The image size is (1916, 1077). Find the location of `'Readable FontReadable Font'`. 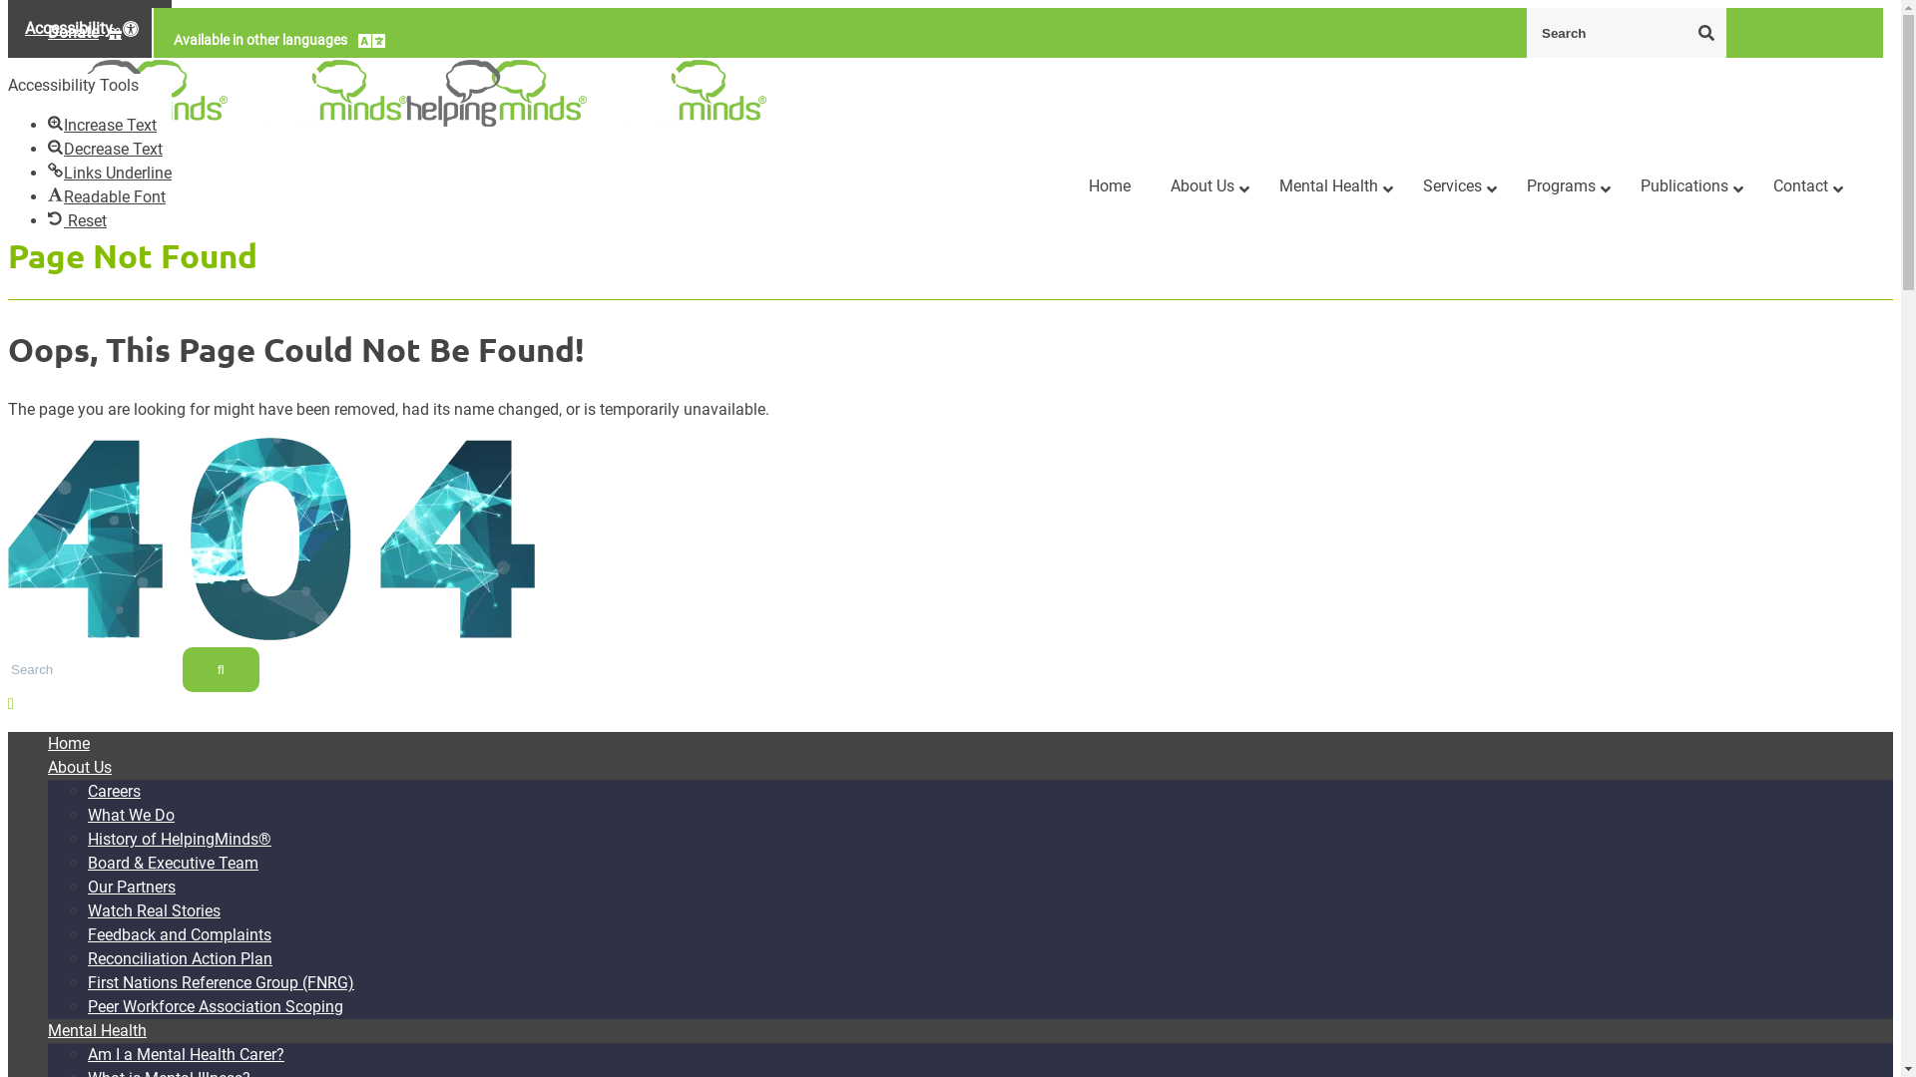

'Readable FontReadable Font' is located at coordinates (105, 196).